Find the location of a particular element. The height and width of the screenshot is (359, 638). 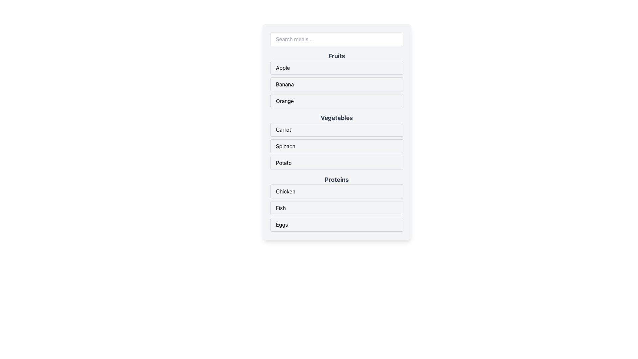

the 'Apple' text label in the first entry under the 'Fruits' section is located at coordinates (283, 68).